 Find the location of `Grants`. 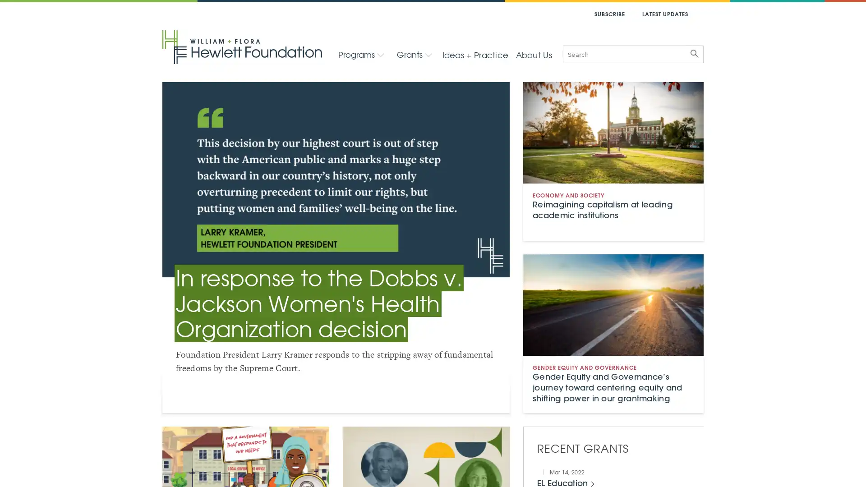

Grants is located at coordinates (414, 54).